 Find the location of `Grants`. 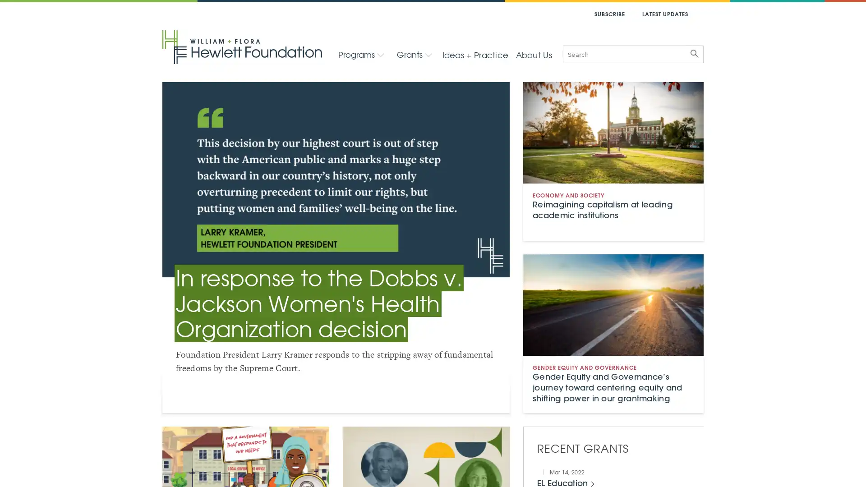

Grants is located at coordinates (414, 54).